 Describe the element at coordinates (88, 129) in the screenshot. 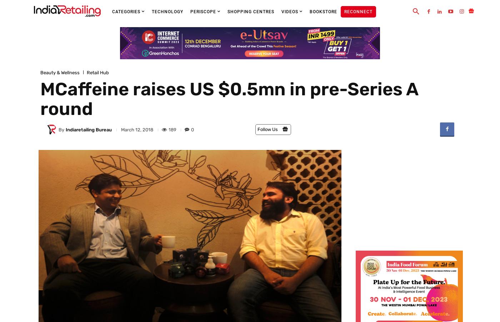

I see `'Indiaretailing Bureau'` at that location.